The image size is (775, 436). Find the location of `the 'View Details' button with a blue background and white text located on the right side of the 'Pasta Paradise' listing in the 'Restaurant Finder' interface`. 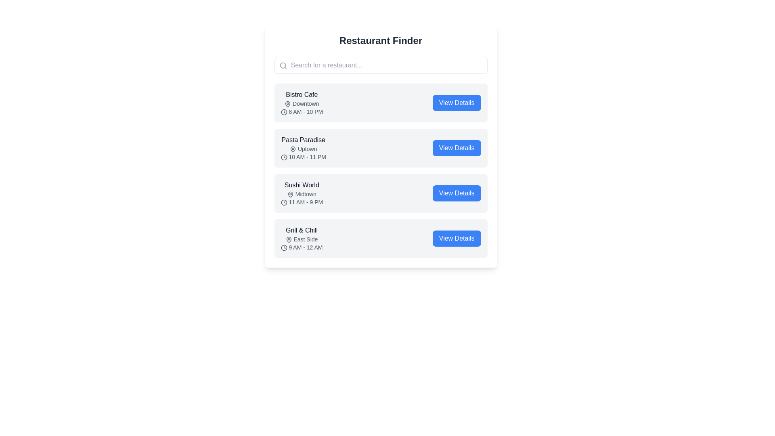

the 'View Details' button with a blue background and white text located on the right side of the 'Pasta Paradise' listing in the 'Restaurant Finder' interface is located at coordinates (457, 148).